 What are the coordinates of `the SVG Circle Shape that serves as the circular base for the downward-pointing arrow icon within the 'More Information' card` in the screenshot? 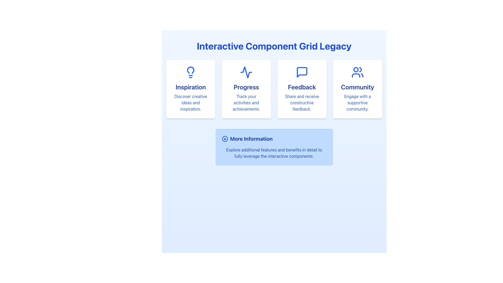 It's located at (225, 138).